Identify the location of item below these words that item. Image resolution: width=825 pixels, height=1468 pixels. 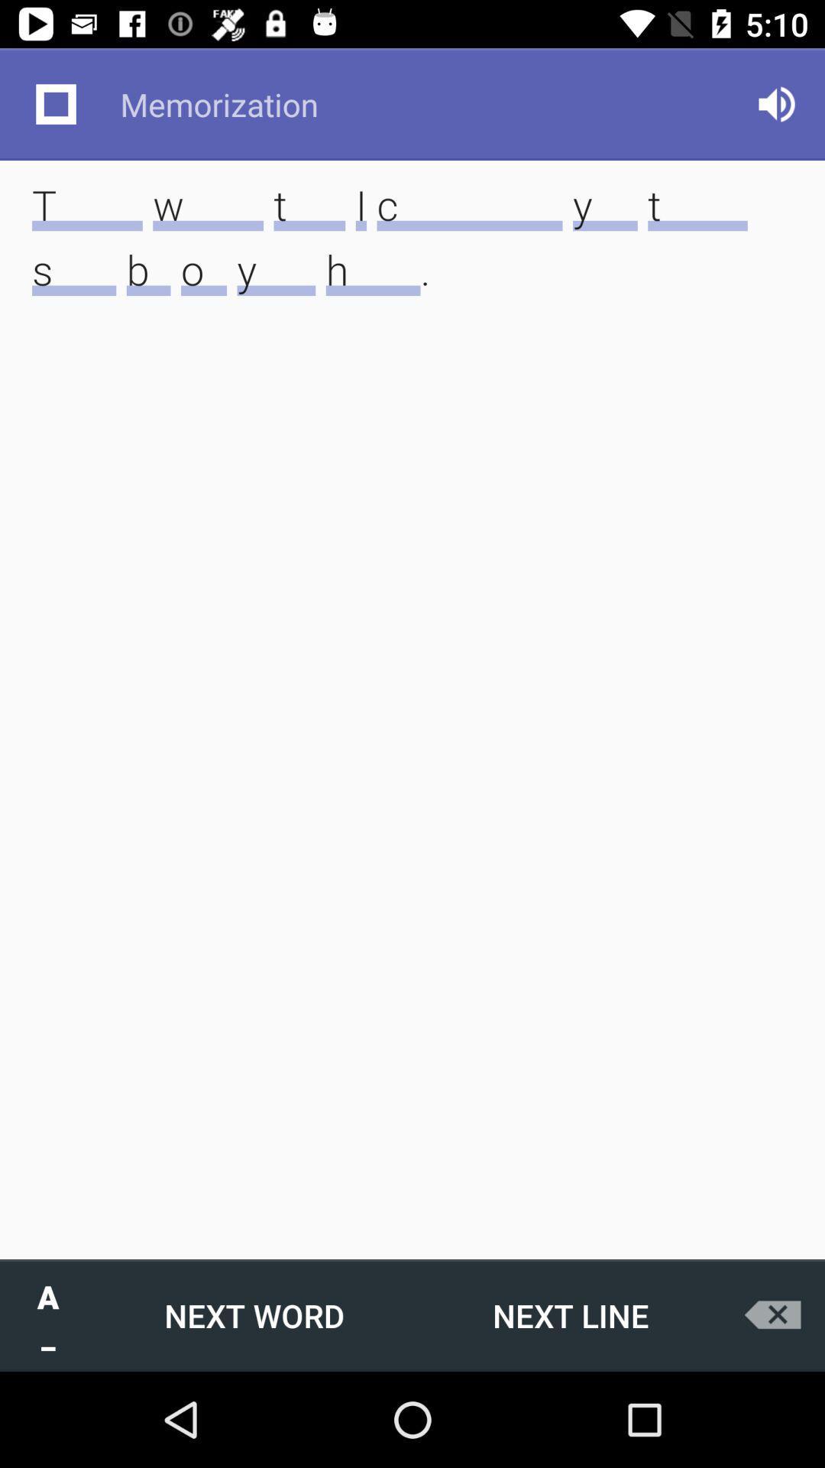
(253, 1314).